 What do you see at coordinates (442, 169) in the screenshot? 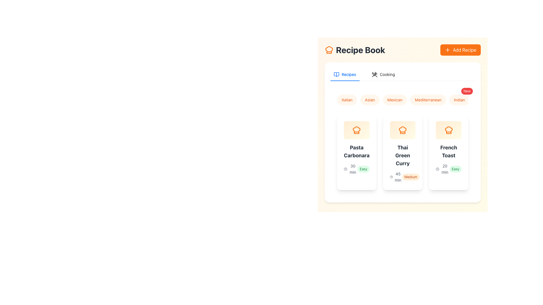
I see `informational label indicating the preparation time for the recipe 'French Toast', located at the bottom left of the 'French Toast' card, to the left of the 'Easy' label` at bounding box center [442, 169].